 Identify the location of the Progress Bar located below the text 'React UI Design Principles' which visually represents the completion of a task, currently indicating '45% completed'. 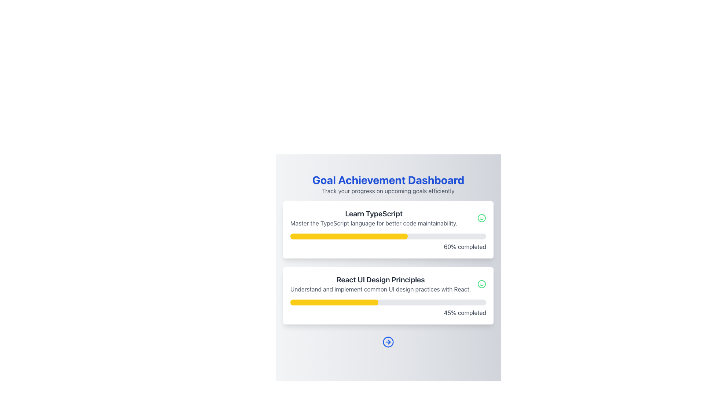
(388, 302).